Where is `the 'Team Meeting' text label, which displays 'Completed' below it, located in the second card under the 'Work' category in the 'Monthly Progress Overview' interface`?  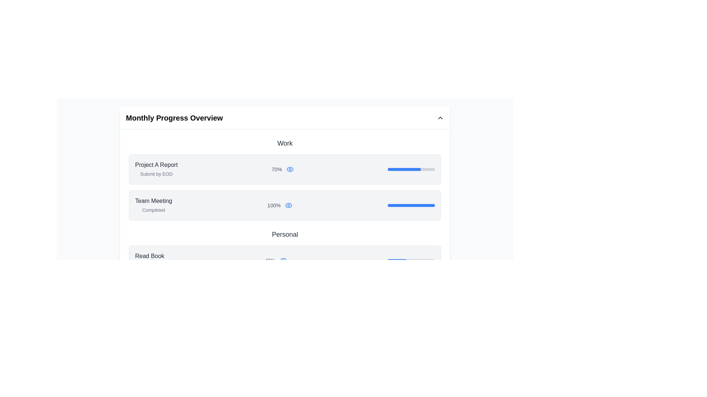
the 'Team Meeting' text label, which displays 'Completed' below it, located in the second card under the 'Work' category in the 'Monthly Progress Overview' interface is located at coordinates (153, 205).